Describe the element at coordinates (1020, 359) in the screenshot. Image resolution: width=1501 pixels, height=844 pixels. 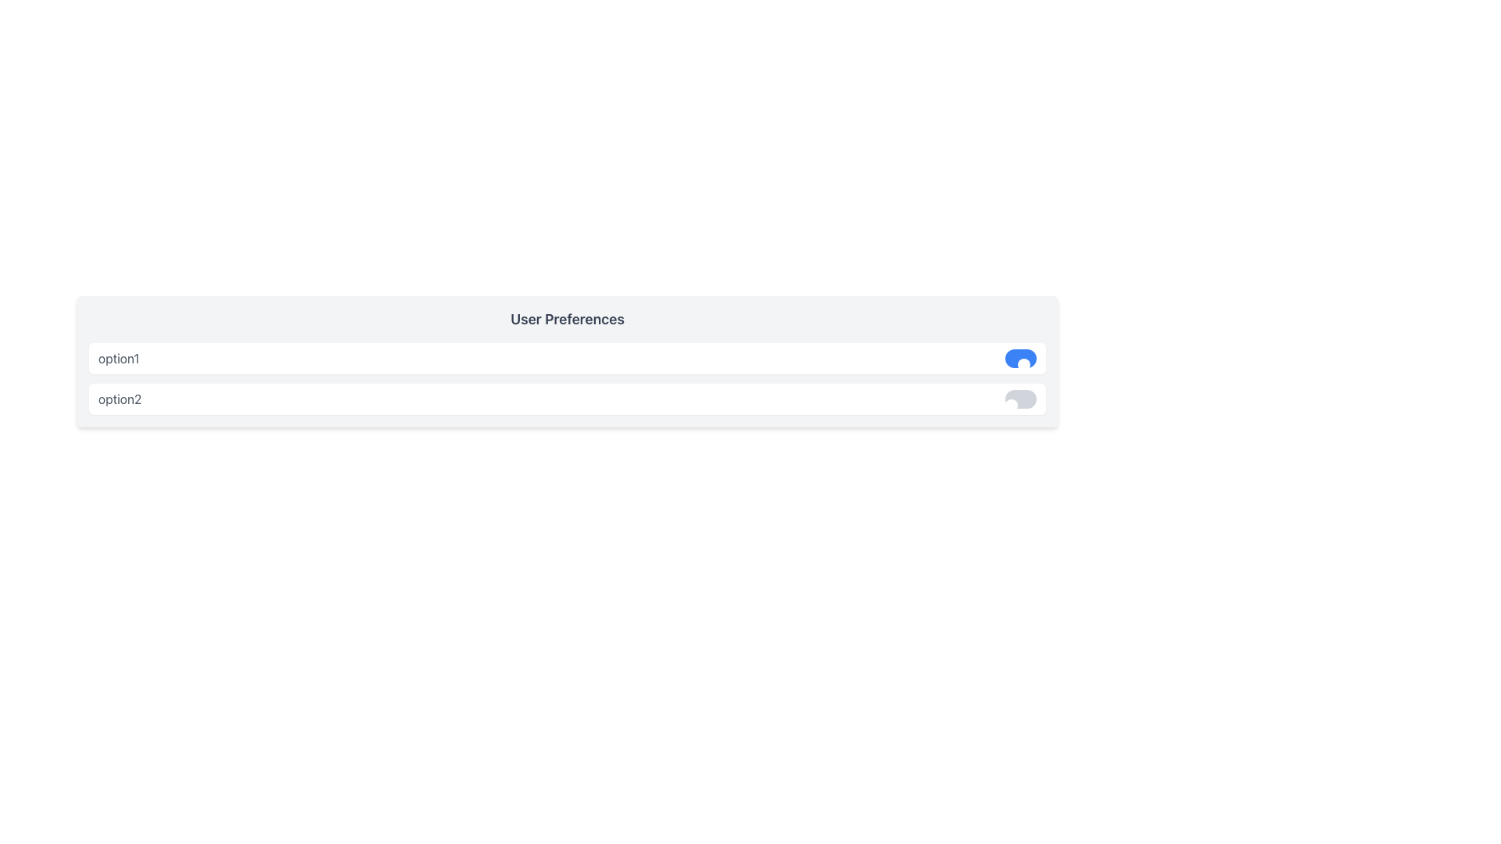
I see `the toggle switch for 'option1' to switch it to the opposite state` at that location.